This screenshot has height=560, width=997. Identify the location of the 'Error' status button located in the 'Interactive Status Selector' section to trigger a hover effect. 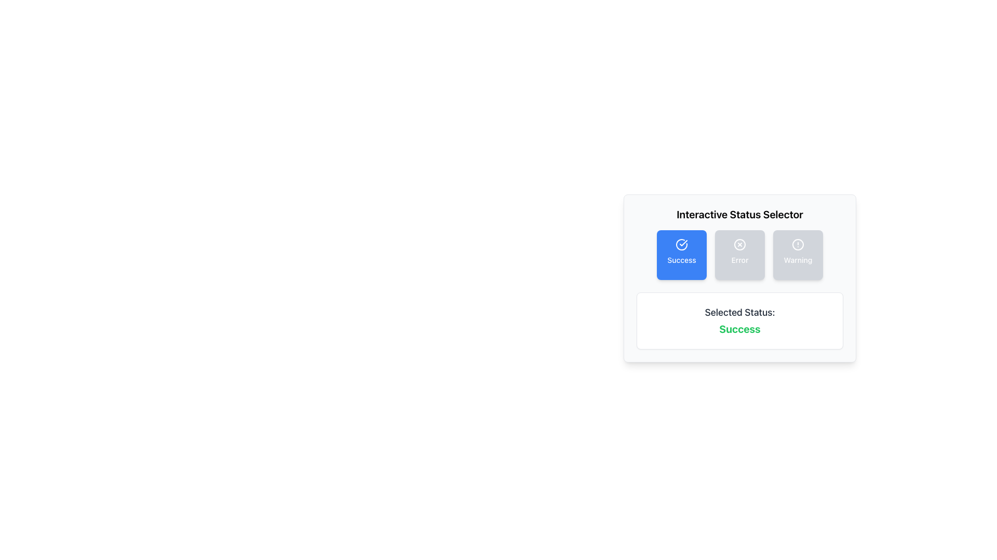
(739, 255).